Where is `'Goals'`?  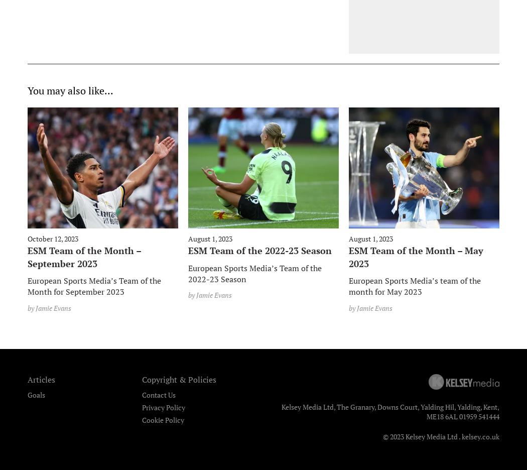 'Goals' is located at coordinates (36, 394).